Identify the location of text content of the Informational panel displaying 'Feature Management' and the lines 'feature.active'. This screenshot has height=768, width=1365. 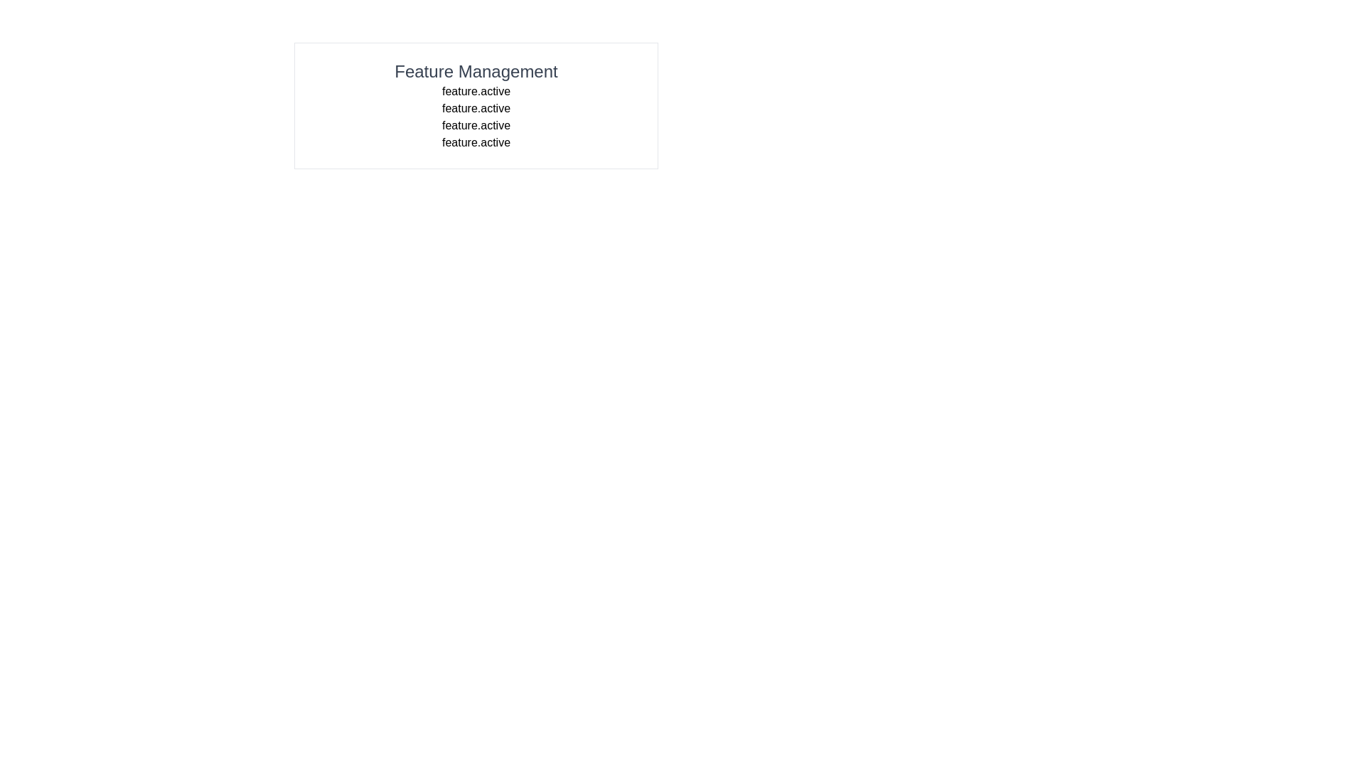
(476, 105).